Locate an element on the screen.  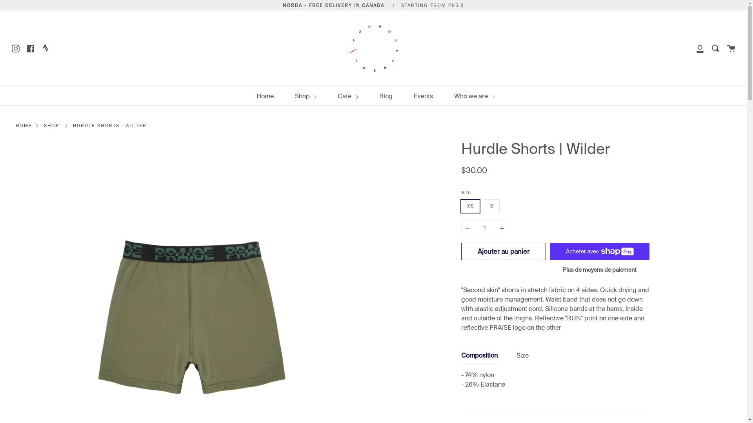
'Who we are' is located at coordinates (474, 96).